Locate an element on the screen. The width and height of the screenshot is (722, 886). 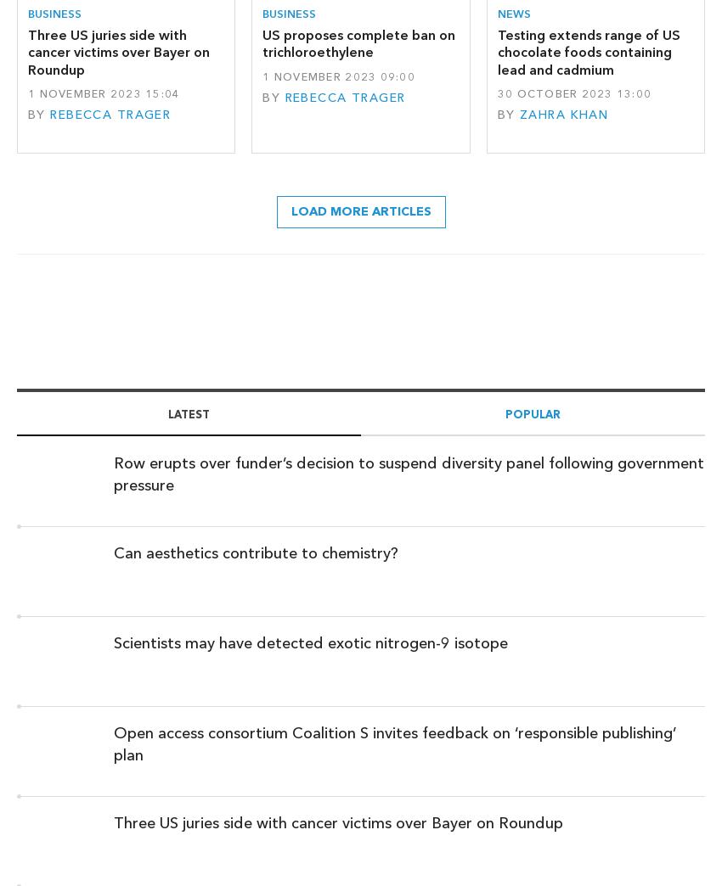
'1 November 2023 15:04' is located at coordinates (103, 93).